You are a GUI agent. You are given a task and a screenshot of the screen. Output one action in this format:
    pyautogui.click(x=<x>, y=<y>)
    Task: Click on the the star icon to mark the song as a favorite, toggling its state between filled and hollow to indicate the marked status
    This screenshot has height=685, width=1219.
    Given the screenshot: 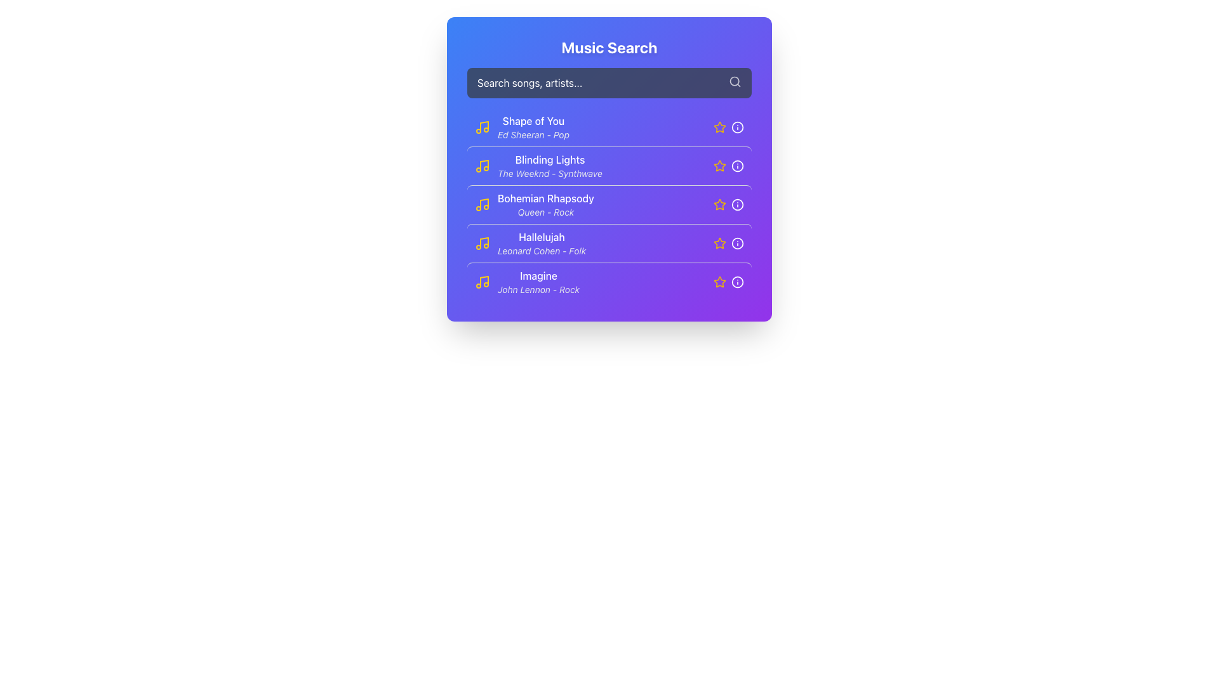 What is the action you would take?
    pyautogui.click(x=719, y=127)
    